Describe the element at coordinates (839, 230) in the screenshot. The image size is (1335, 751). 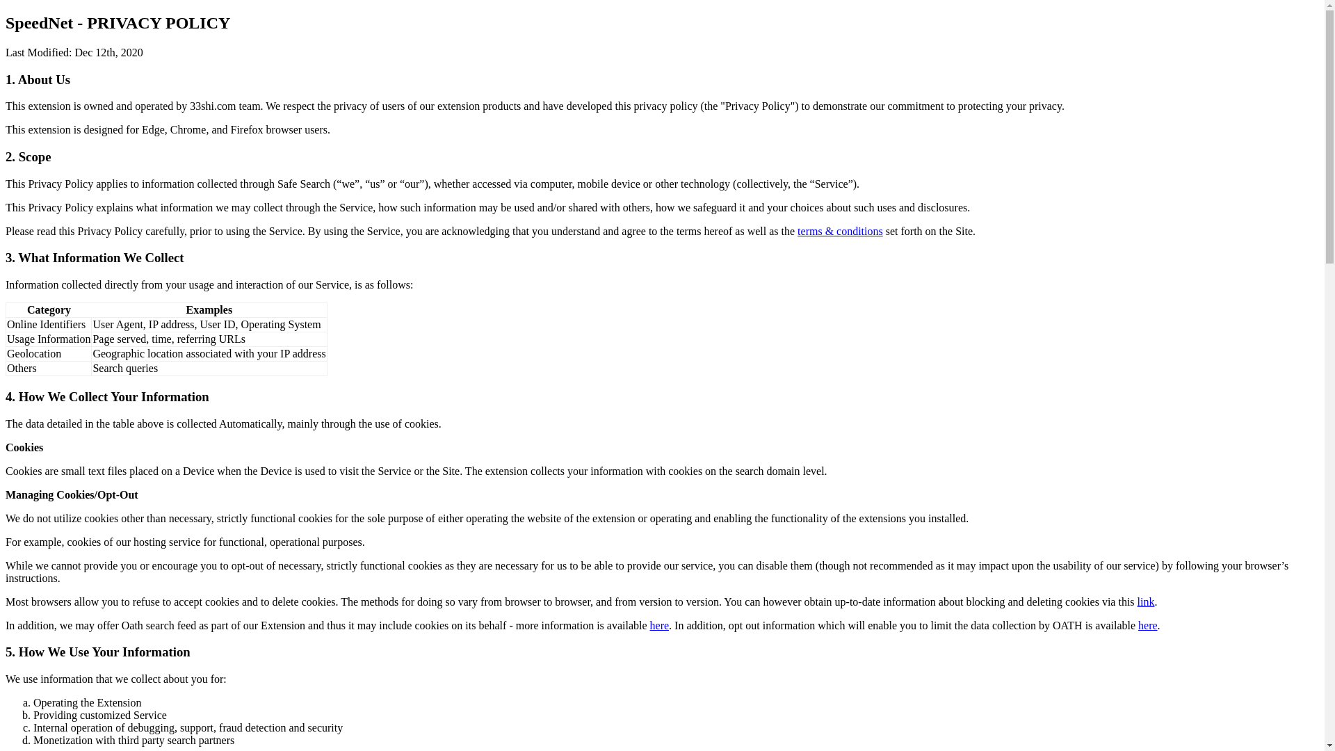
I see `'terms & conditions'` at that location.